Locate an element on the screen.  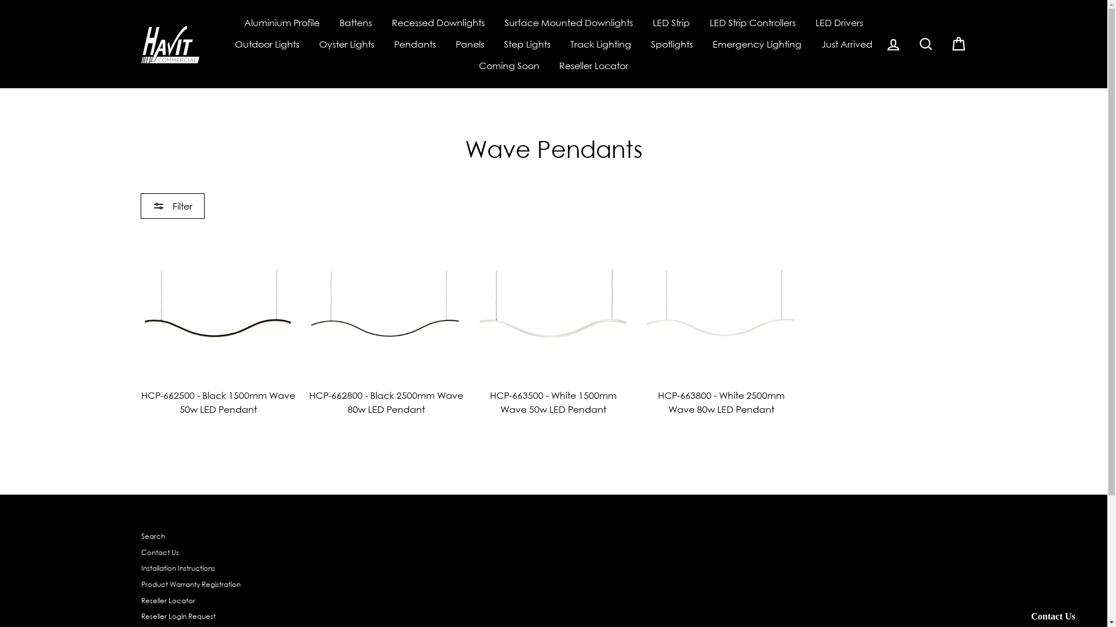
'Reseller Locator' is located at coordinates (593, 66).